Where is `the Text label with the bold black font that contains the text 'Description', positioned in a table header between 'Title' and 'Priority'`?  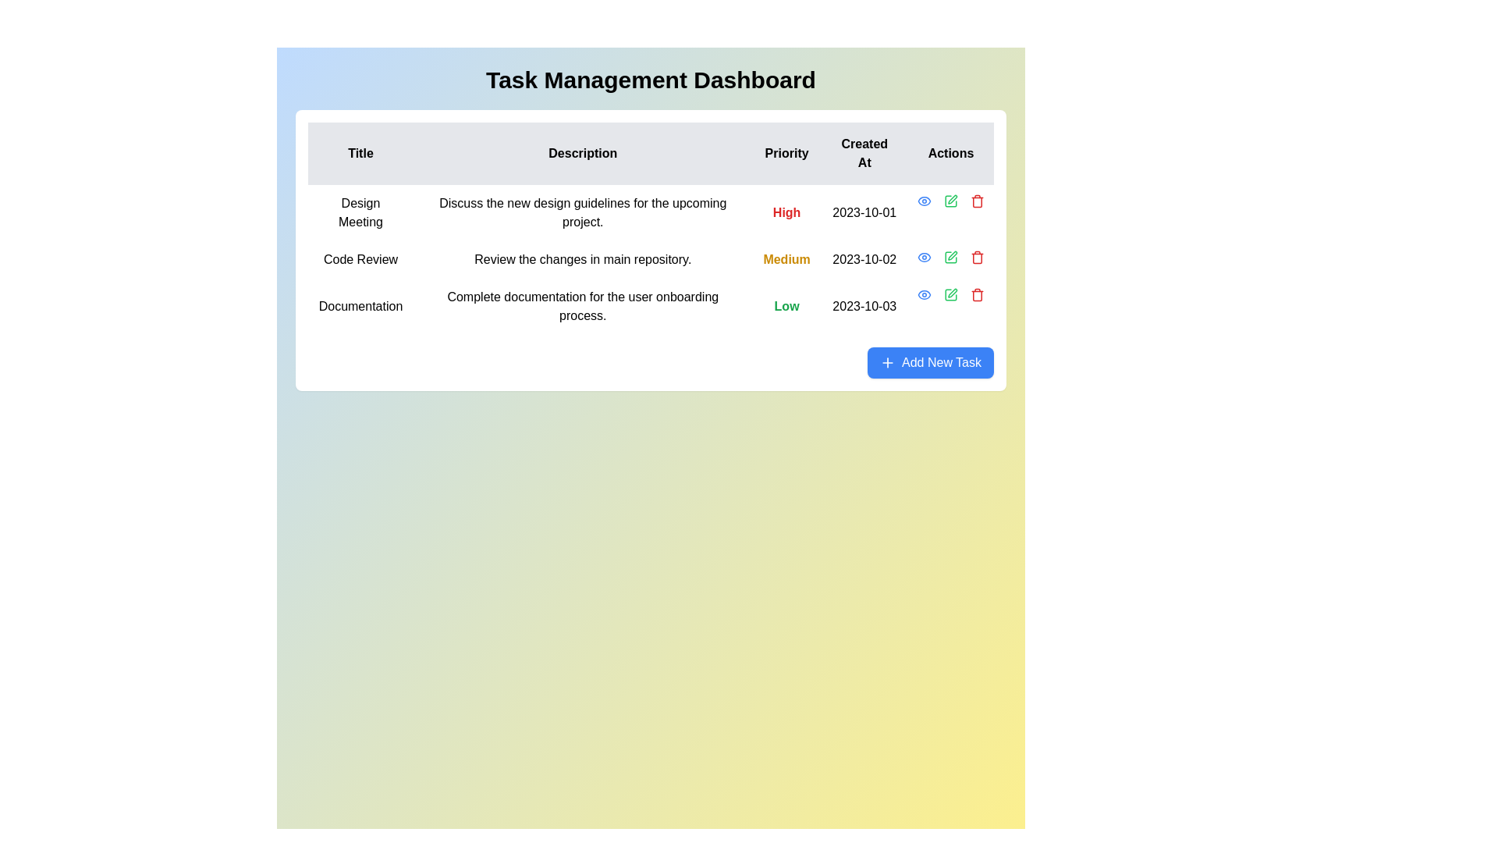 the Text label with the bold black font that contains the text 'Description', positioned in a table header between 'Title' and 'Priority' is located at coordinates (582, 153).